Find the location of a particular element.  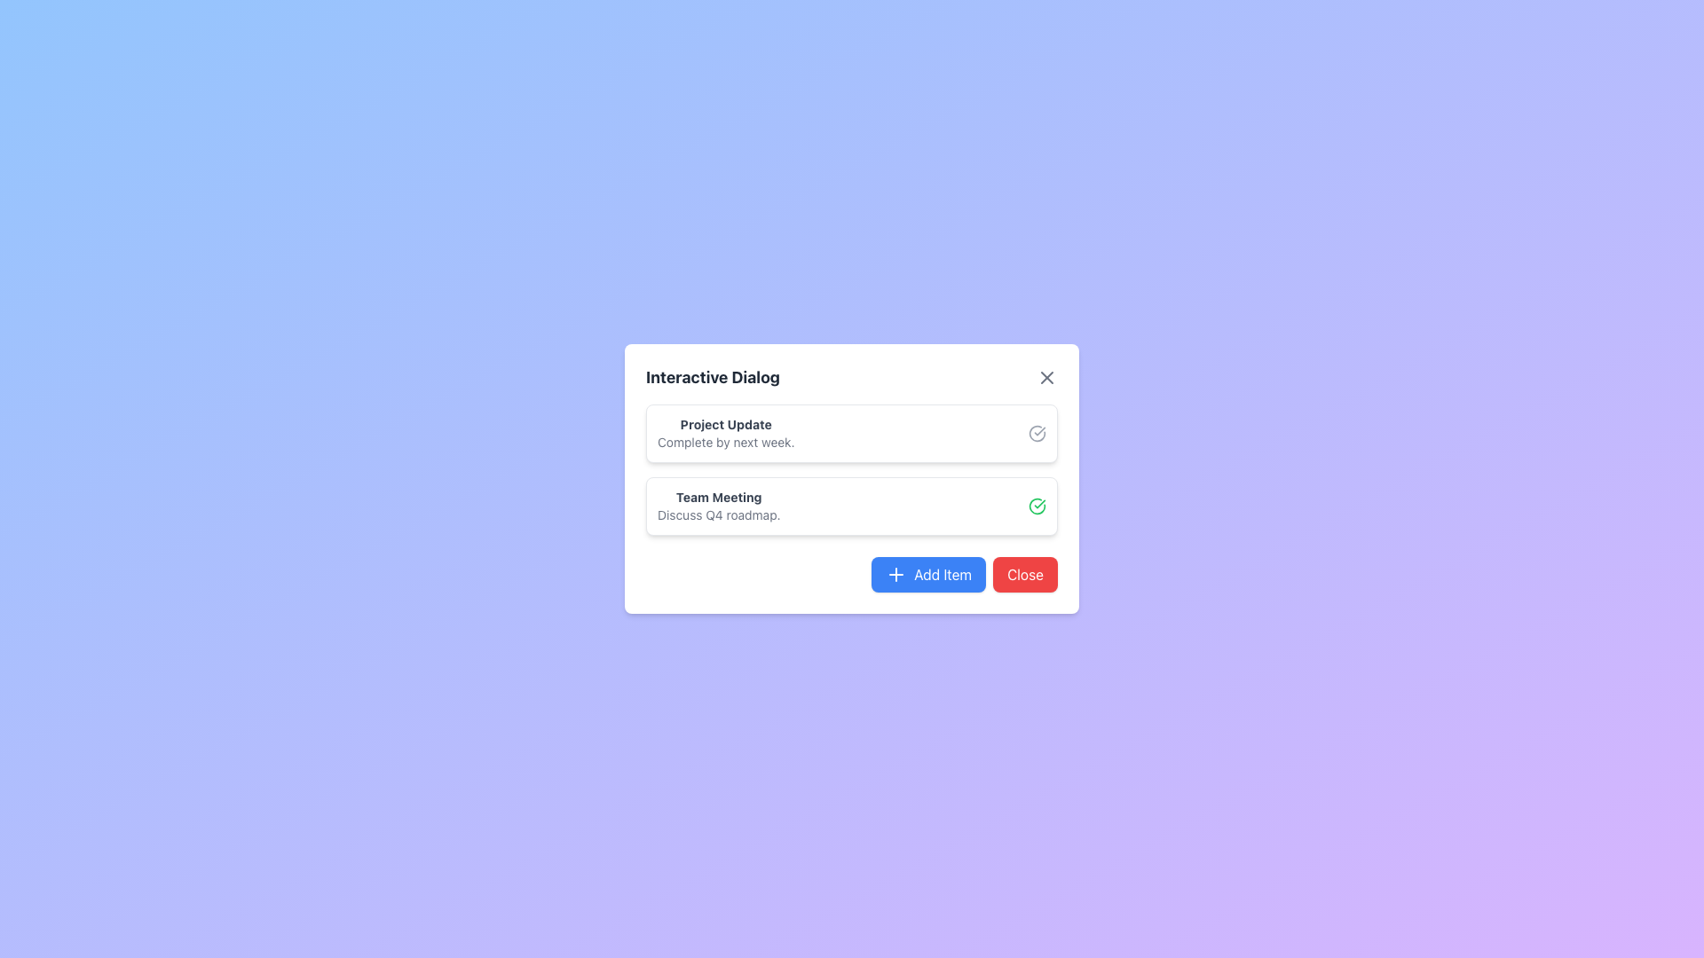

the icon located within the 'Add Item' button, positioned to the left of the text 'Add Item' is located at coordinates (896, 575).